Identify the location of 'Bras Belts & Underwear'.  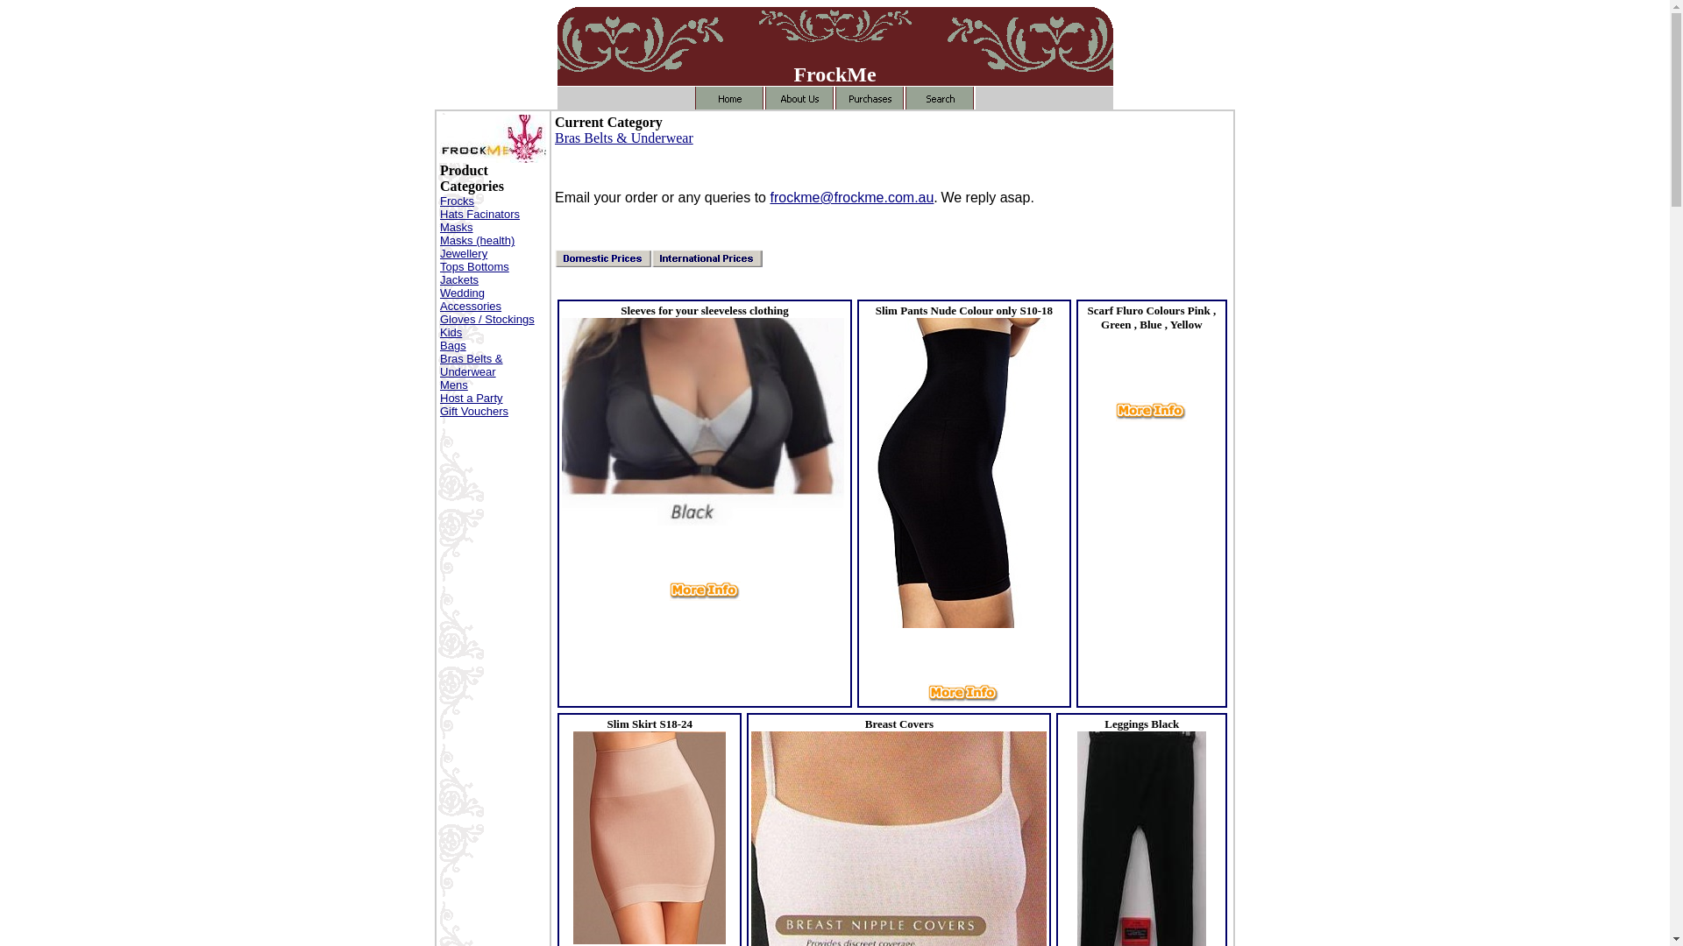
(623, 137).